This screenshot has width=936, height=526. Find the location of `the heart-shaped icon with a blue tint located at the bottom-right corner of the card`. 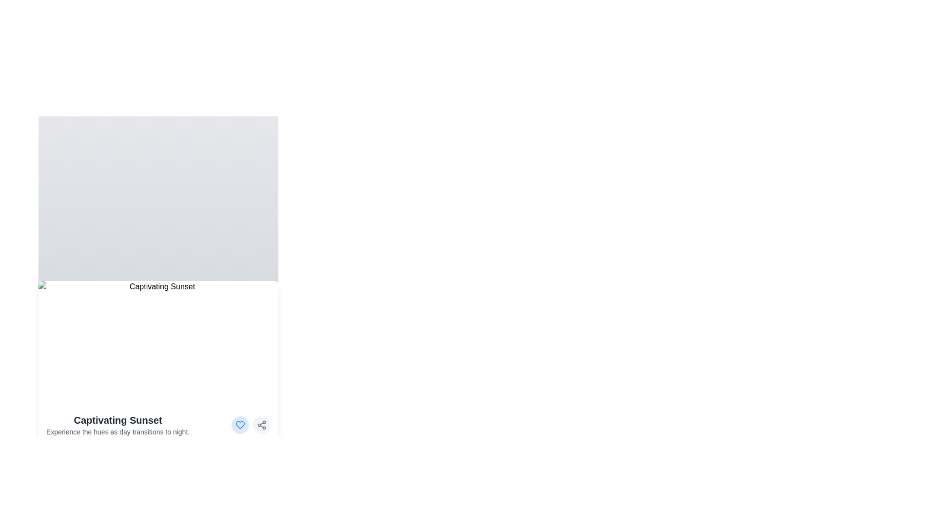

the heart-shaped icon with a blue tint located at the bottom-right corner of the card is located at coordinates (240, 424).